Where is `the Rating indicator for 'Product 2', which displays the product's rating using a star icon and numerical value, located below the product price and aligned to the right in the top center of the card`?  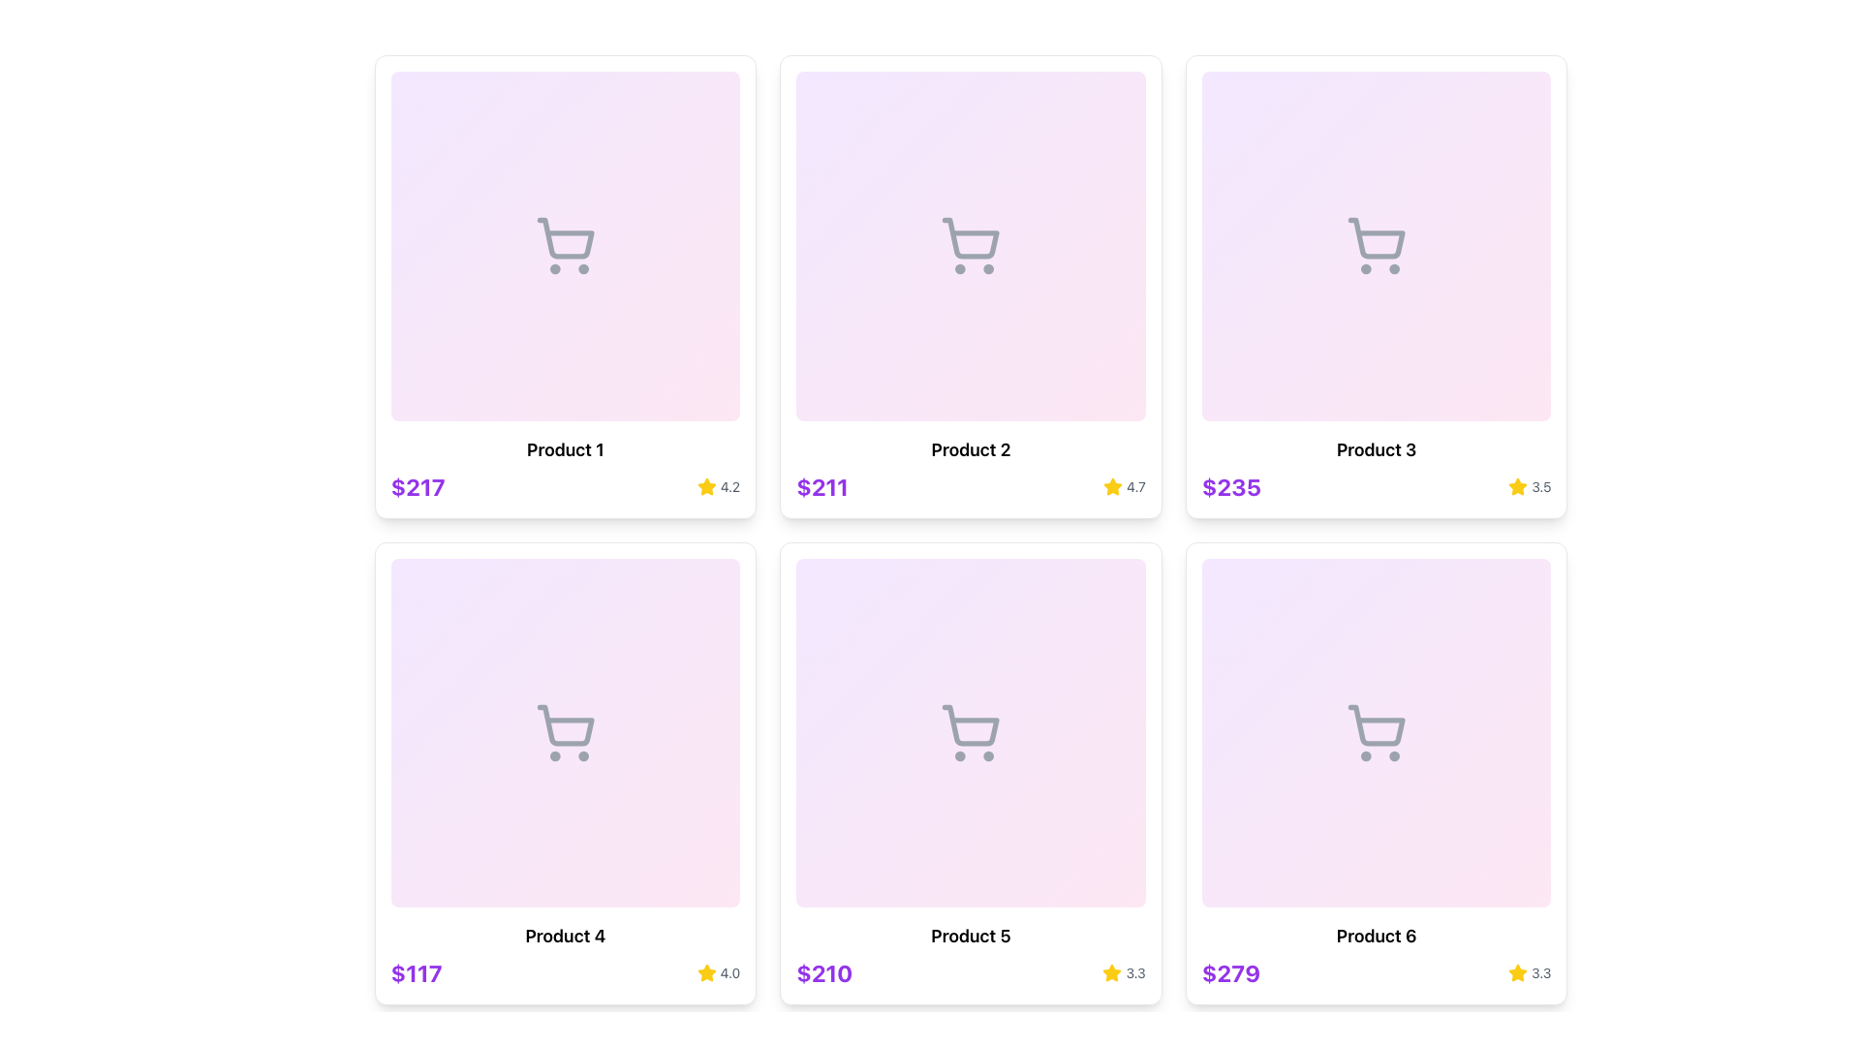
the Rating indicator for 'Product 2', which displays the product's rating using a star icon and numerical value, located below the product price and aligned to the right in the top center of the card is located at coordinates (1125, 485).